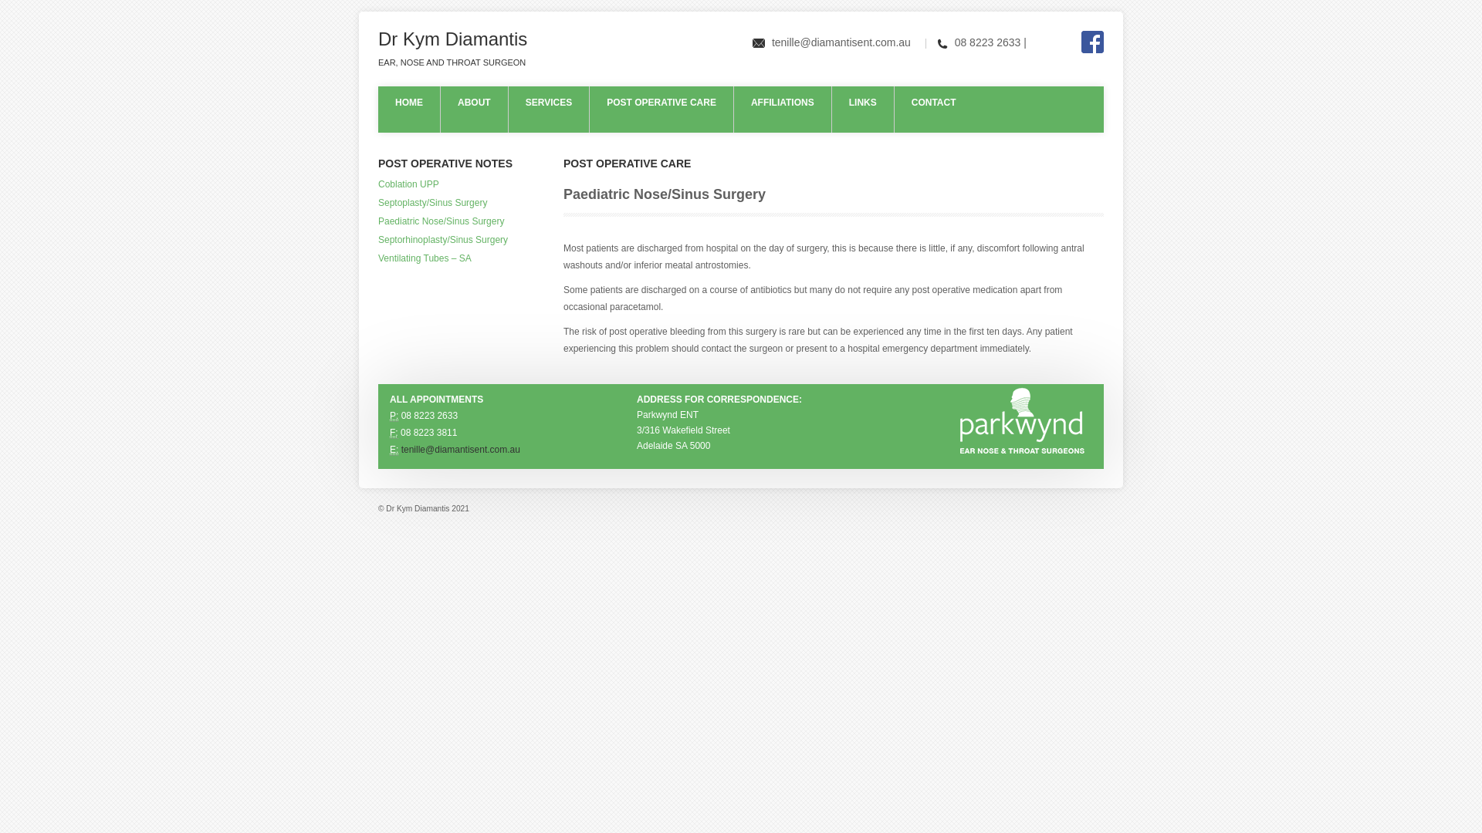  I want to click on 'Dr Kym Diamantis, so click(452, 48).